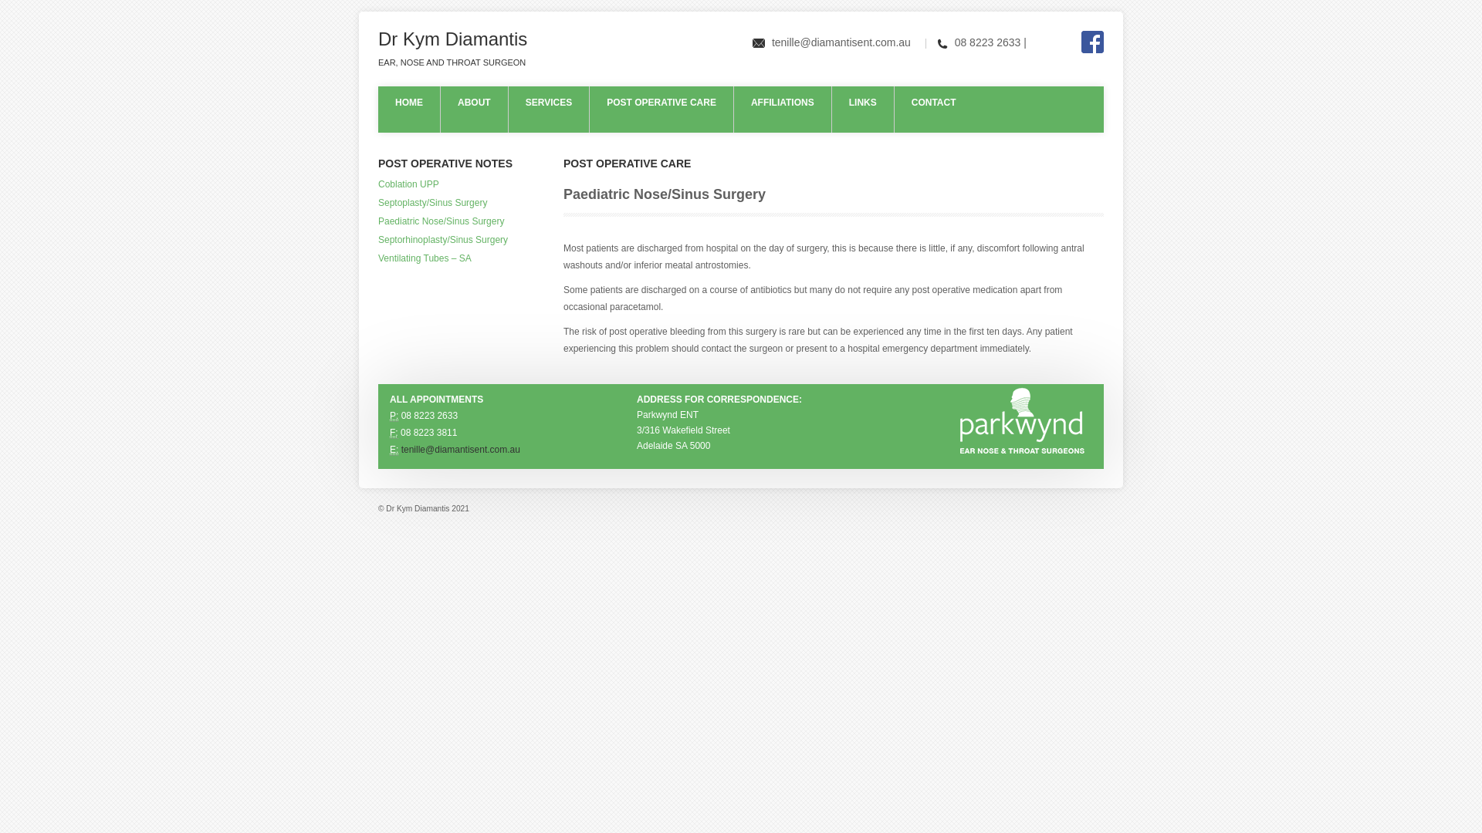  I want to click on 'Dr Kym Diamantis, so click(452, 48).